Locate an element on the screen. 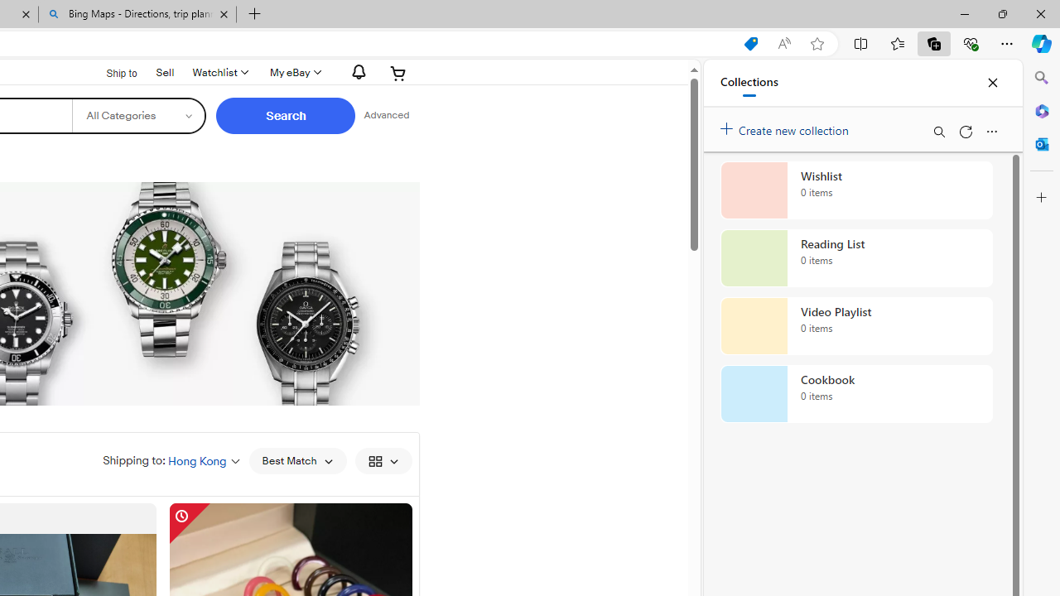 This screenshot has width=1060, height=596. 'View: Gallery View' is located at coordinates (382, 460).